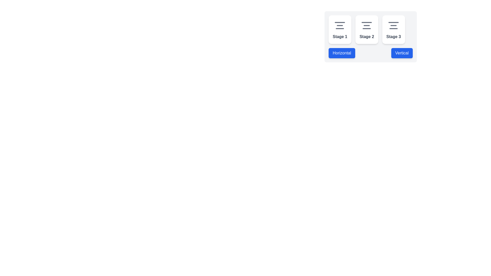 This screenshot has height=276, width=491. I want to click on the card representing the current step in the process, located second from the left between 'Stage 1' and 'Stage 3', so click(366, 29).